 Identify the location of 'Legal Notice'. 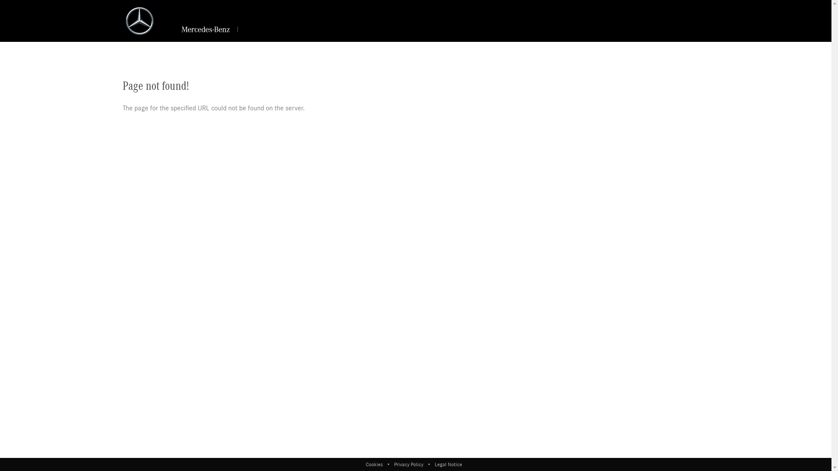
(430, 464).